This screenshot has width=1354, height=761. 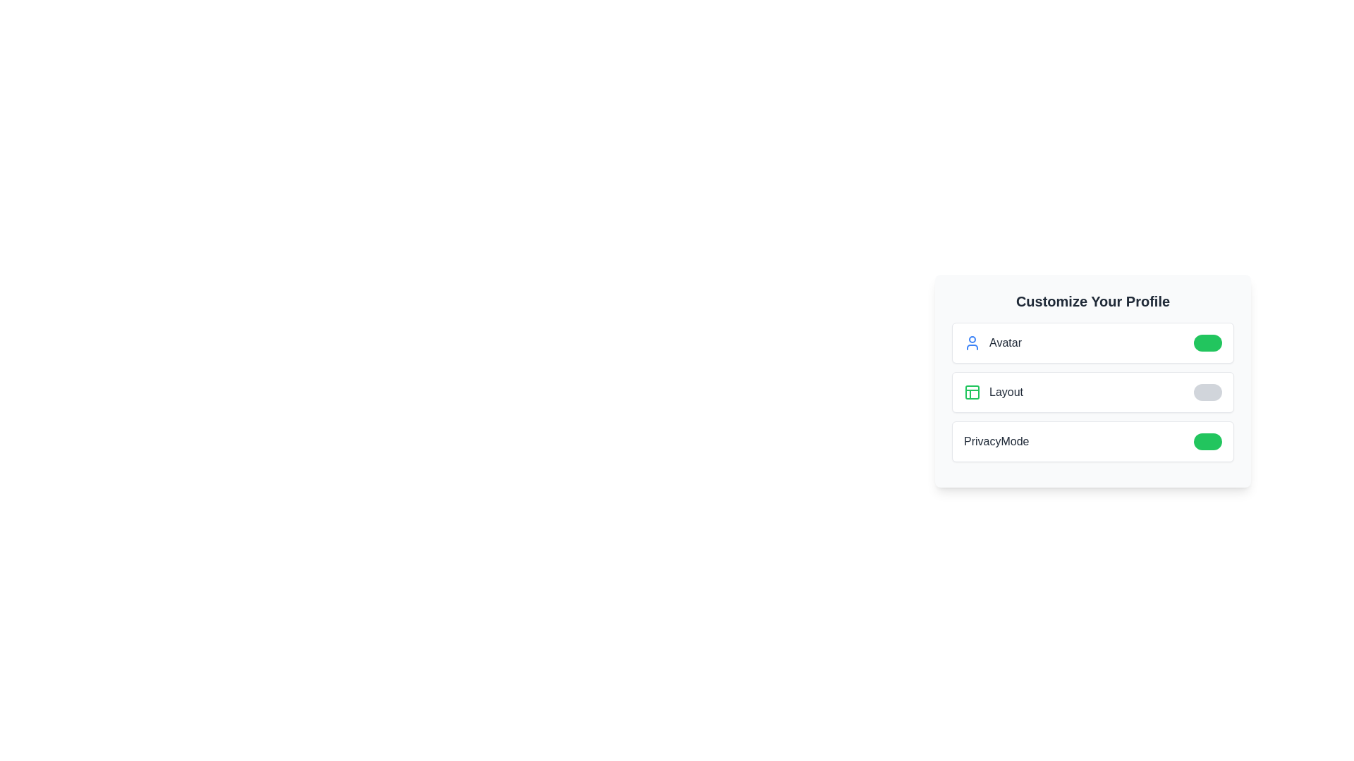 I want to click on the icon representing the feature Avatar, so click(x=971, y=342).